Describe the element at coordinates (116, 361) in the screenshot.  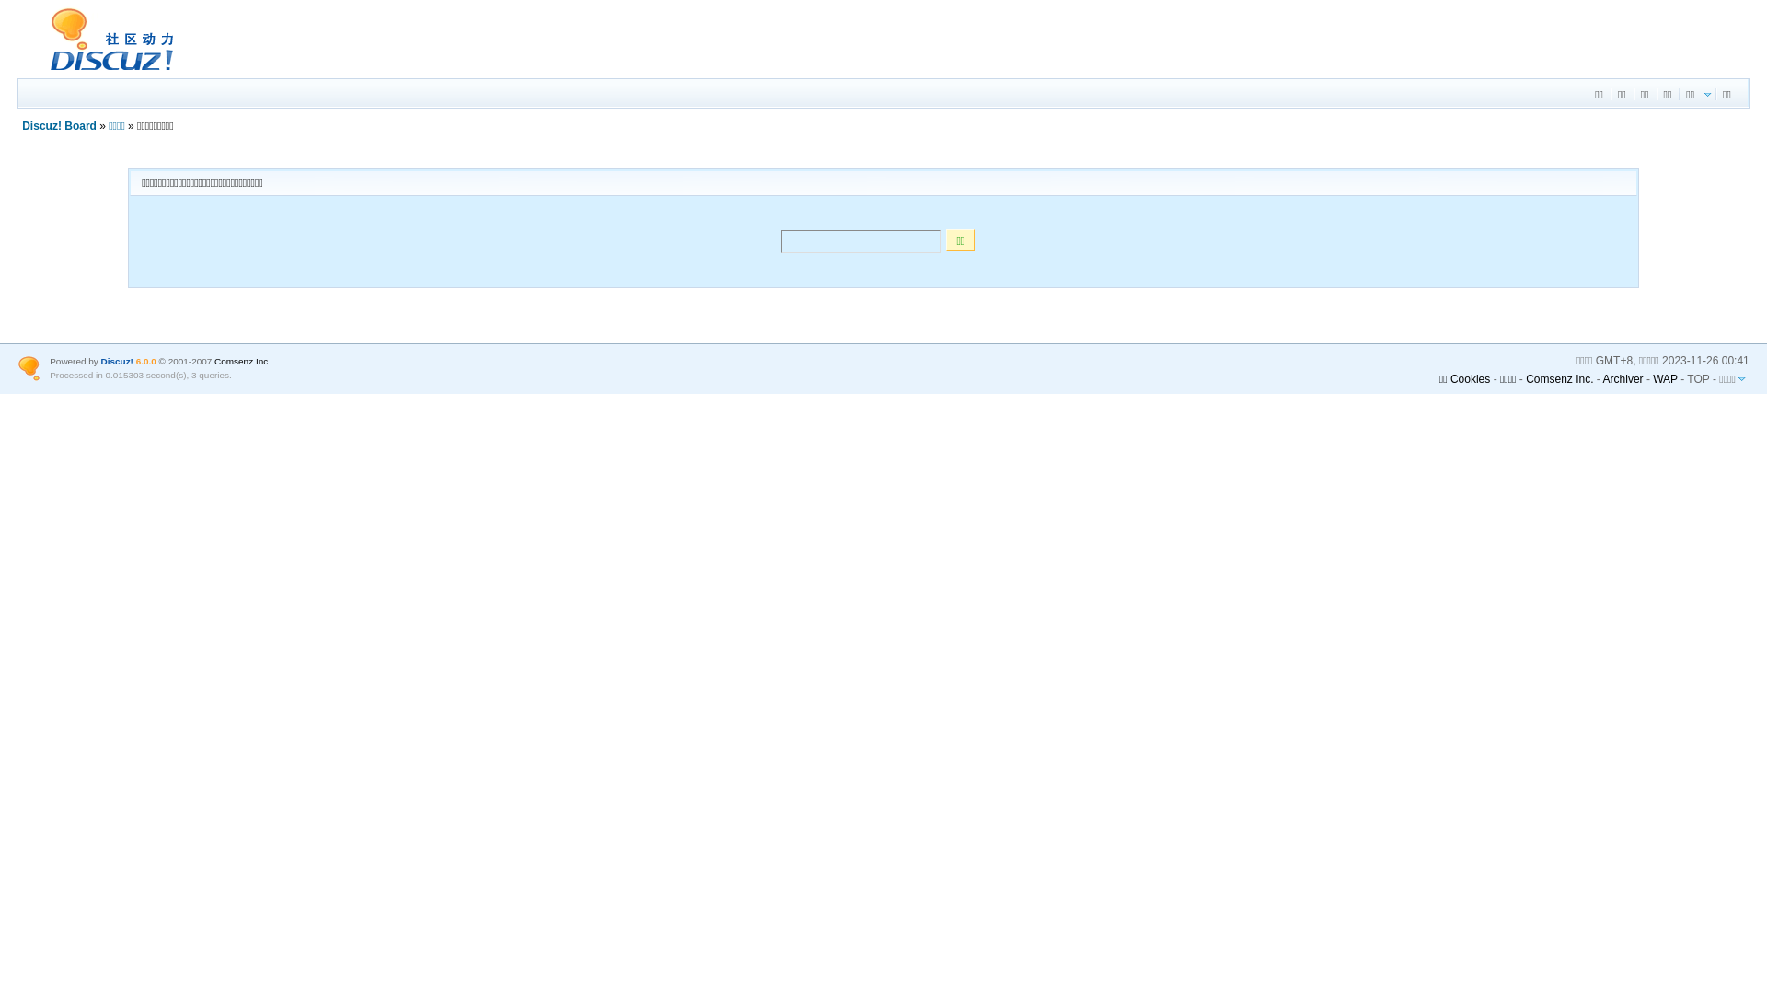
I see `'Discuz!'` at that location.